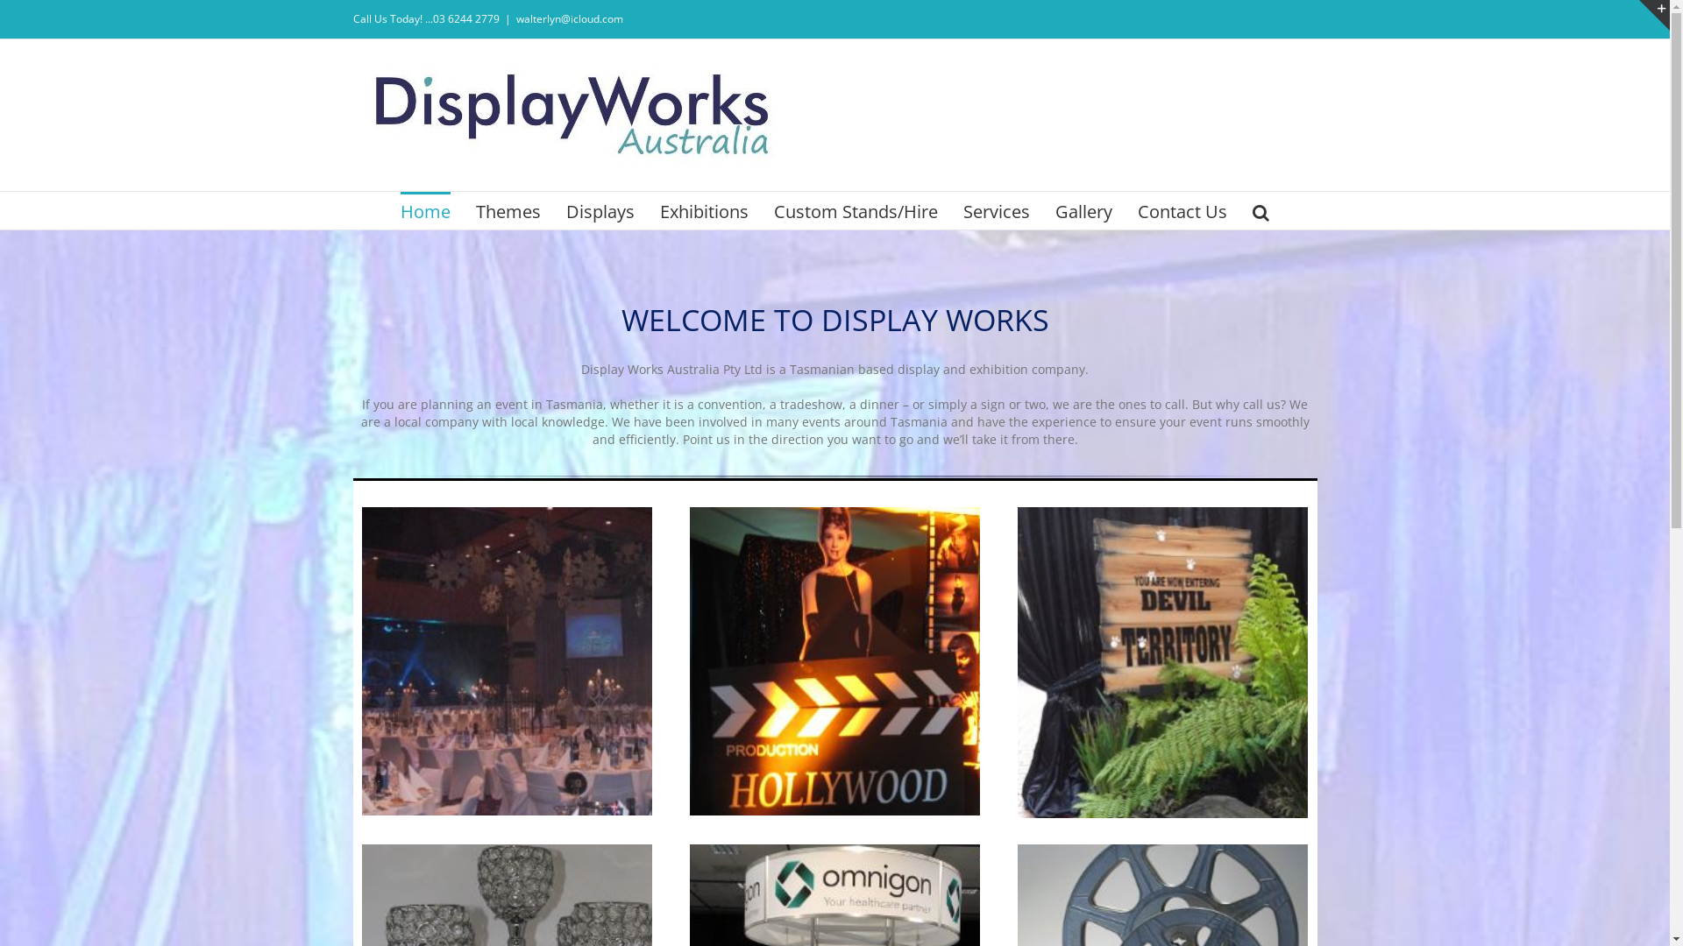 This screenshot has height=946, width=1683. What do you see at coordinates (997, 209) in the screenshot?
I see `'Services'` at bounding box center [997, 209].